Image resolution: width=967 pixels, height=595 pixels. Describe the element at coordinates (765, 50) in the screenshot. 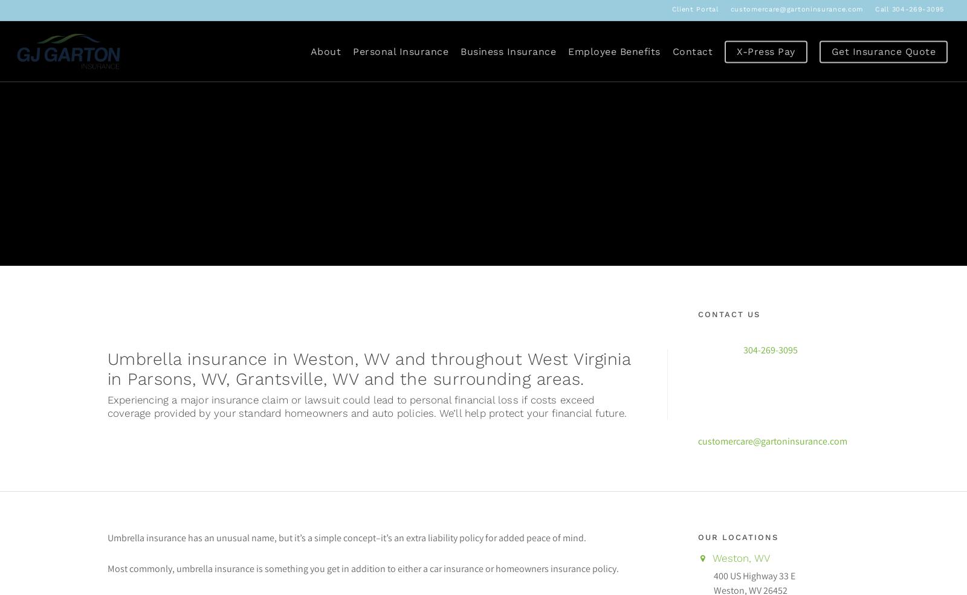

I see `'X-Press Pay'` at that location.